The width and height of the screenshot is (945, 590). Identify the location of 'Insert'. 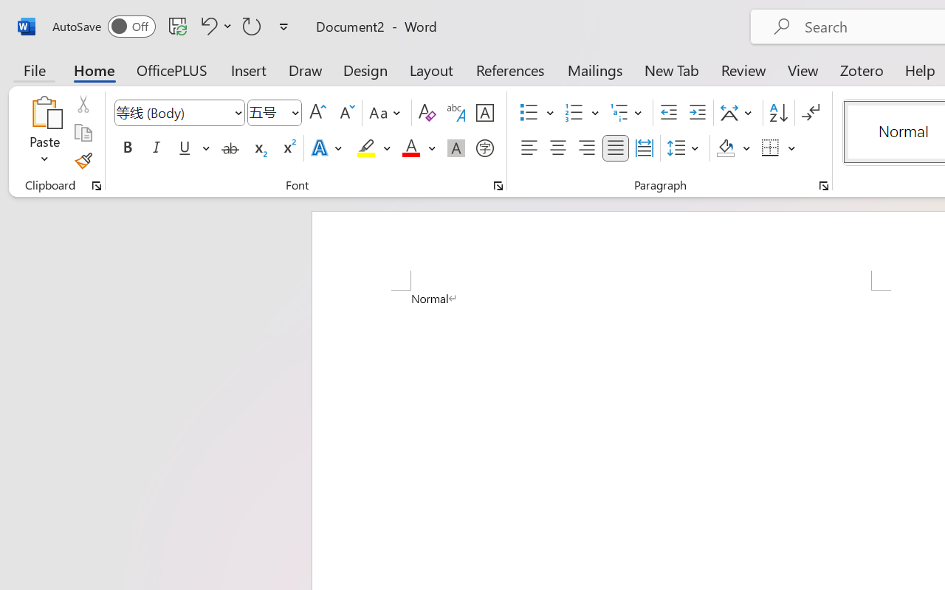
(249, 69).